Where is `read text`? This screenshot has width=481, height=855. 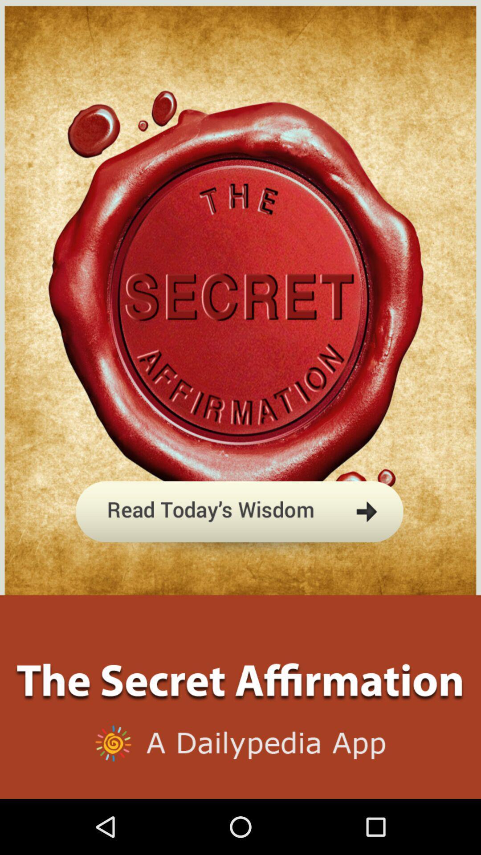
read text is located at coordinates (240, 554).